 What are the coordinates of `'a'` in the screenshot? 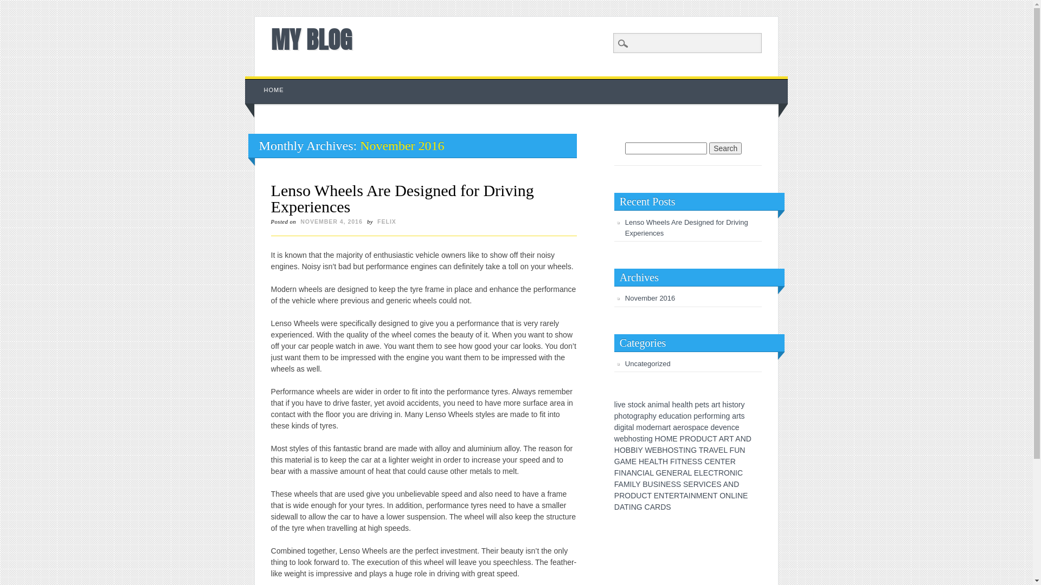 It's located at (713, 405).